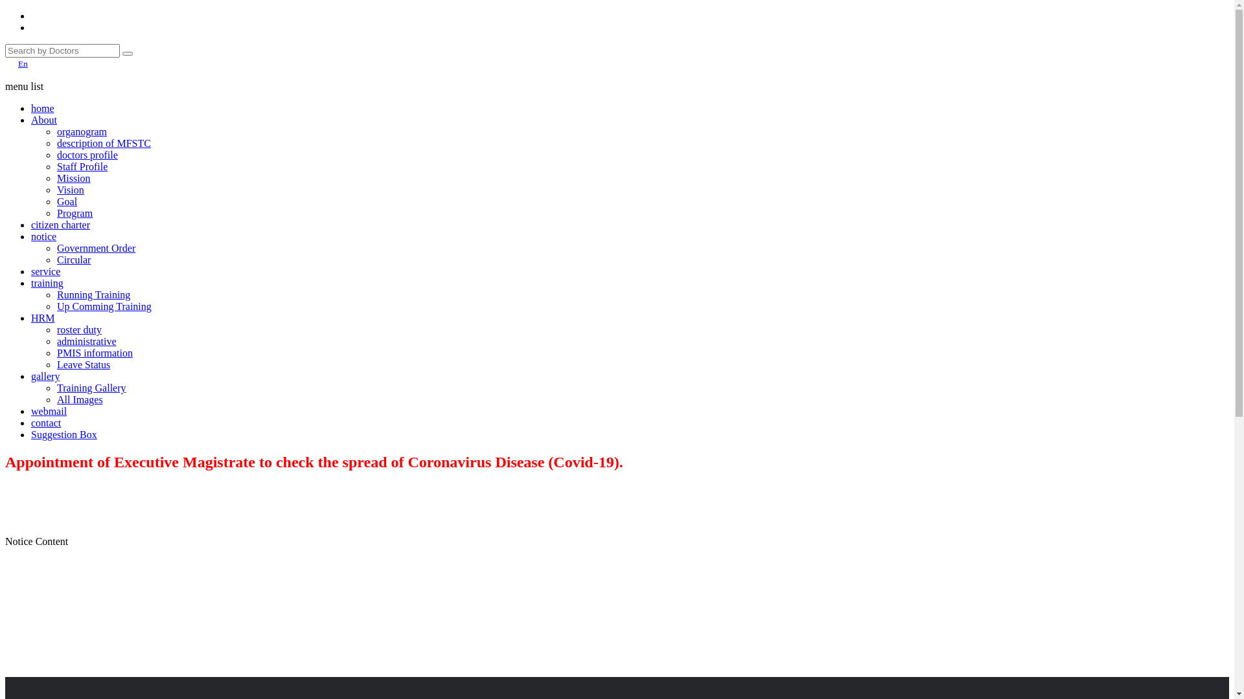 This screenshot has height=699, width=1244. Describe the element at coordinates (78, 329) in the screenshot. I see `'roster duty'` at that location.